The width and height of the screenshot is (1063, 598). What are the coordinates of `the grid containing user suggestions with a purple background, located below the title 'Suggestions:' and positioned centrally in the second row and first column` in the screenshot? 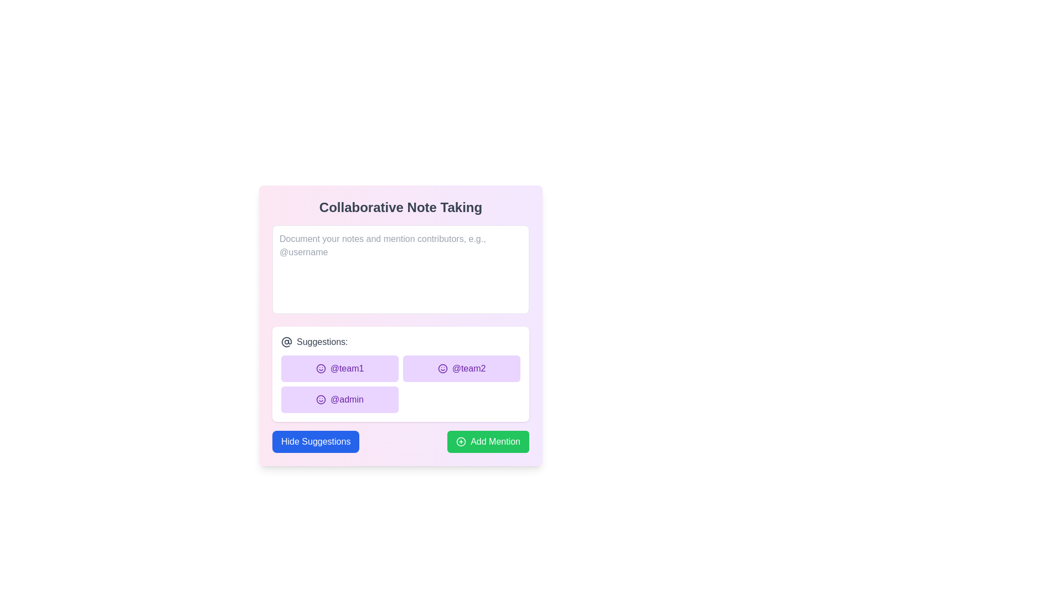 It's located at (400, 384).